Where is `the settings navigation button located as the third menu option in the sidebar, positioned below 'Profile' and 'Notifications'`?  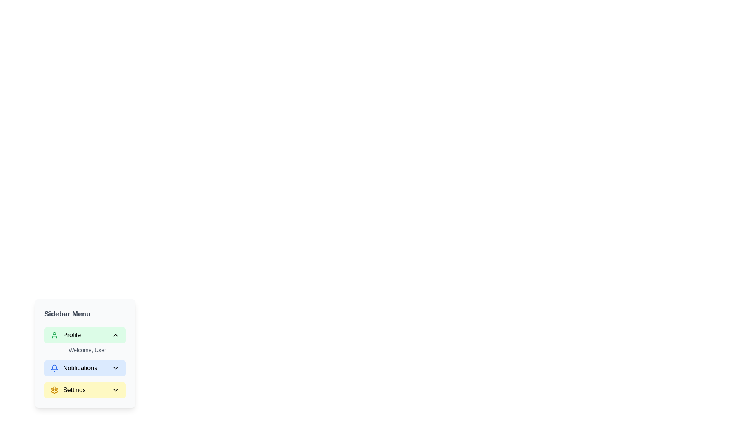 the settings navigation button located as the third menu option in the sidebar, positioned below 'Profile' and 'Notifications' is located at coordinates (85, 390).